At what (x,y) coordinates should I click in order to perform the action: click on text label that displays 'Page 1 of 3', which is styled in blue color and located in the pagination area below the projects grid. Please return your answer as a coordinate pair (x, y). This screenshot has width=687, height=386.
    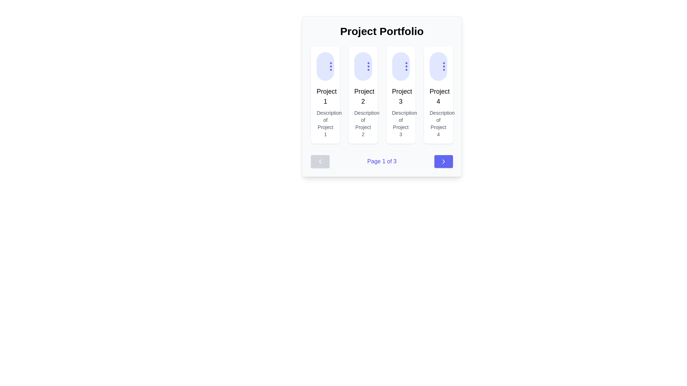
    Looking at the image, I should click on (381, 161).